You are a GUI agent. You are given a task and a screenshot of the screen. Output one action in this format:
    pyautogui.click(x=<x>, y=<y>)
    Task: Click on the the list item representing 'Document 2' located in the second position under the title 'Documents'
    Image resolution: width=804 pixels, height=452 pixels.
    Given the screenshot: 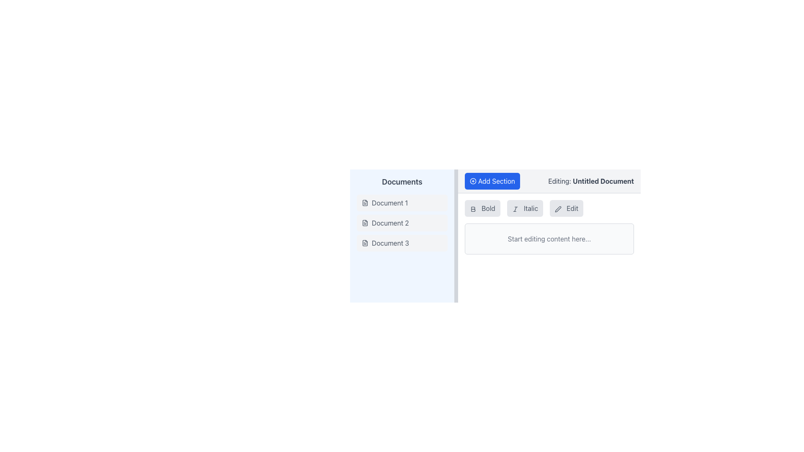 What is the action you would take?
    pyautogui.click(x=402, y=222)
    